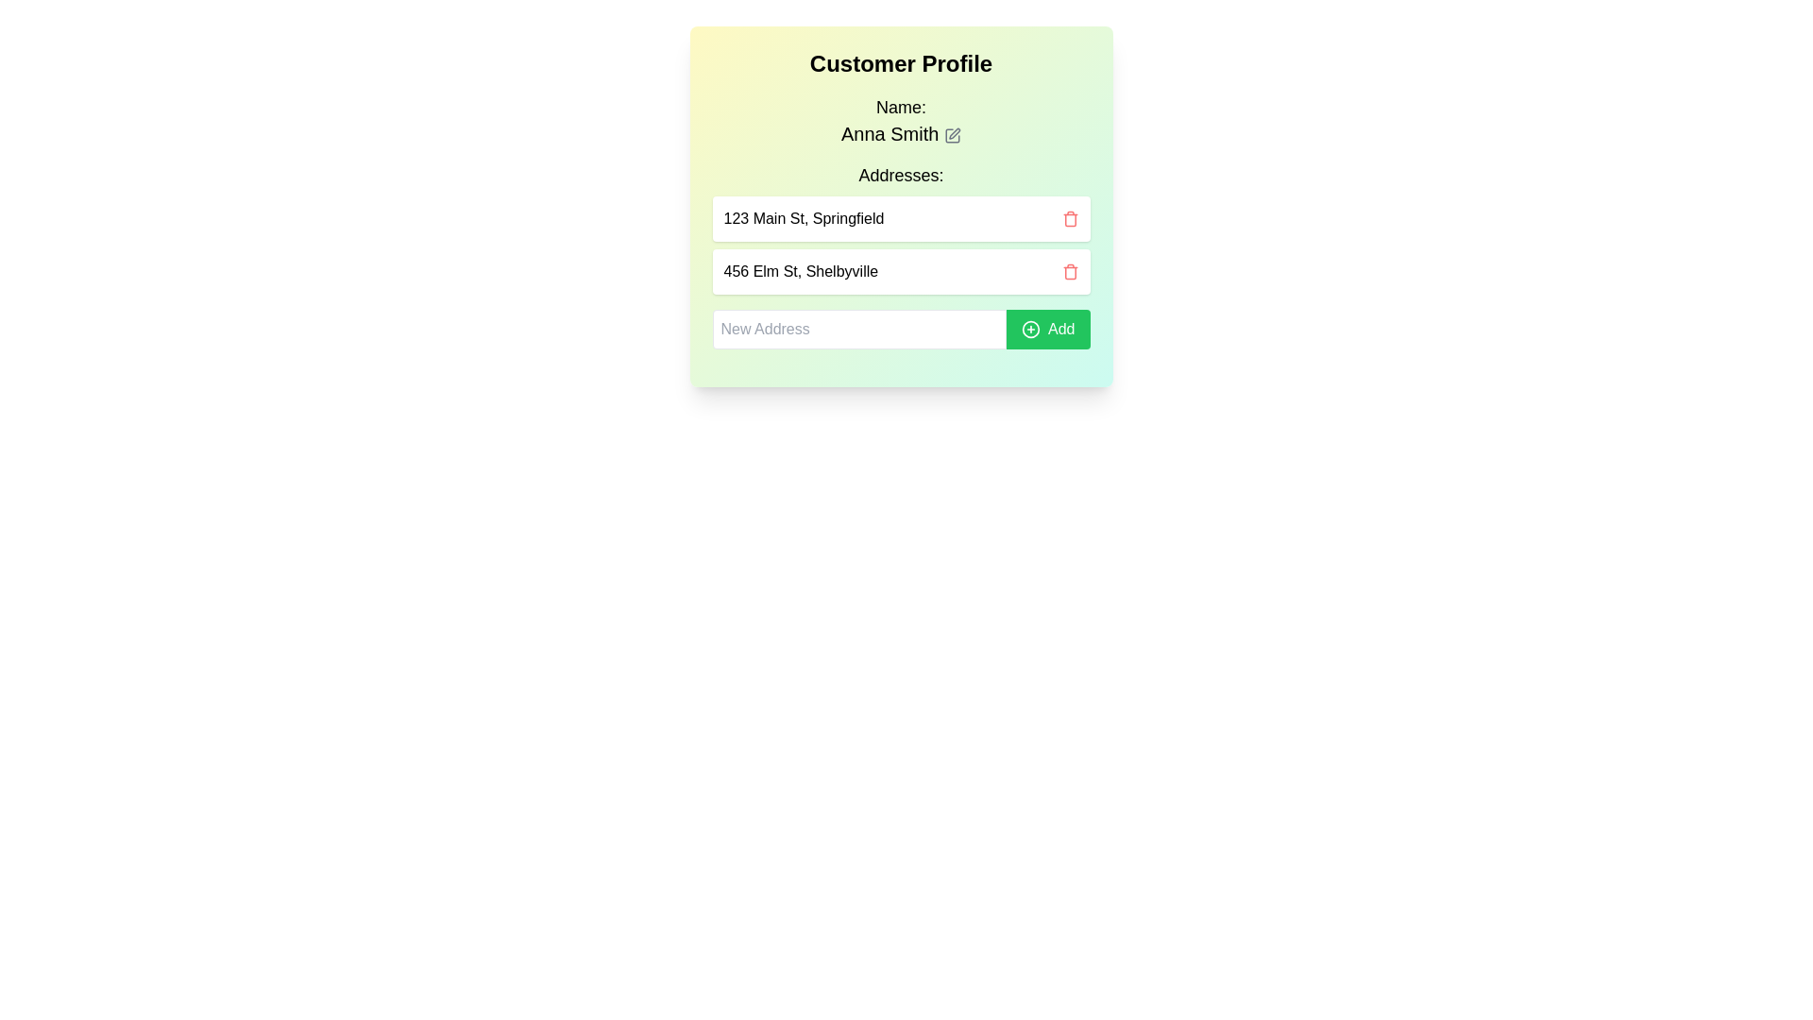 This screenshot has width=1813, height=1020. I want to click on inside the address input field located in the 'Addresses:' section to type an address, so click(900, 328).